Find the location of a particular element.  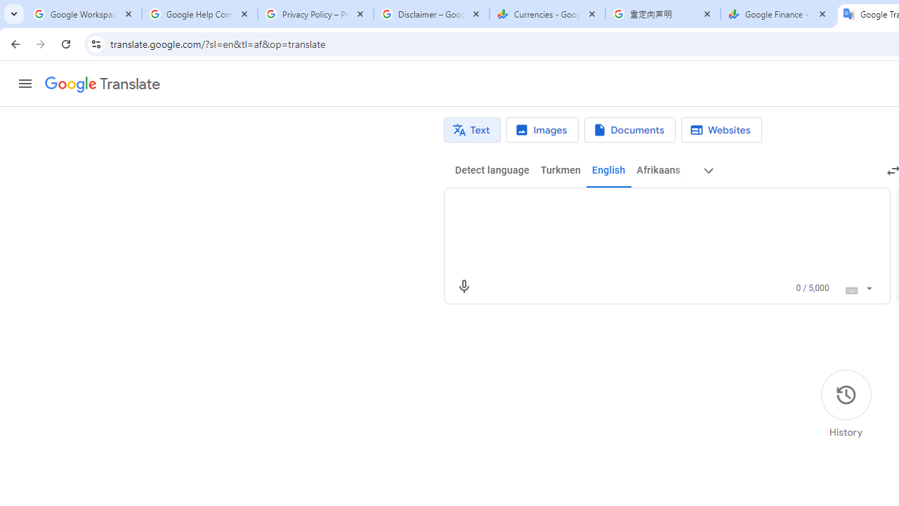

'Google Workspace Admin Community' is located at coordinates (83, 14).